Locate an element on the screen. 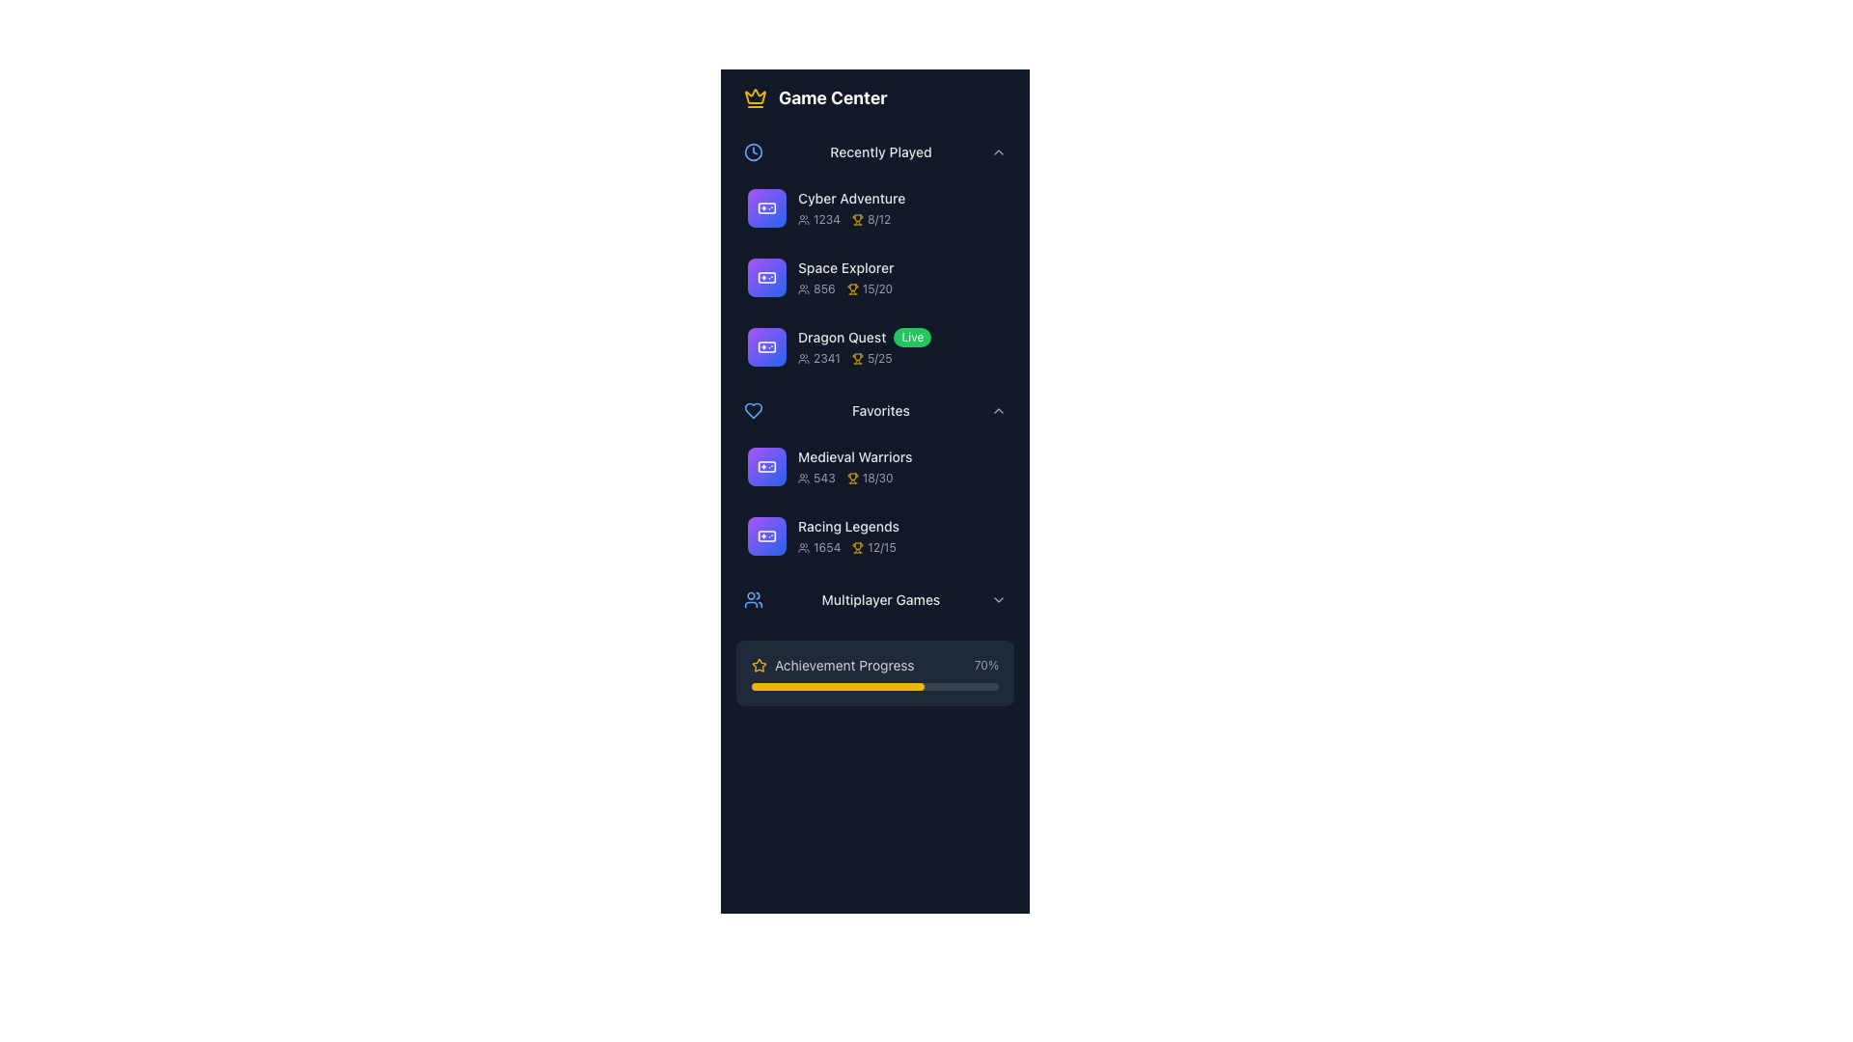 This screenshot has width=1853, height=1042. game controller icon located in the middle column of the 'Recently Played' section, which is the third icon after 'Cyber Adventure' and 'Space Explorer' is located at coordinates (766, 345).